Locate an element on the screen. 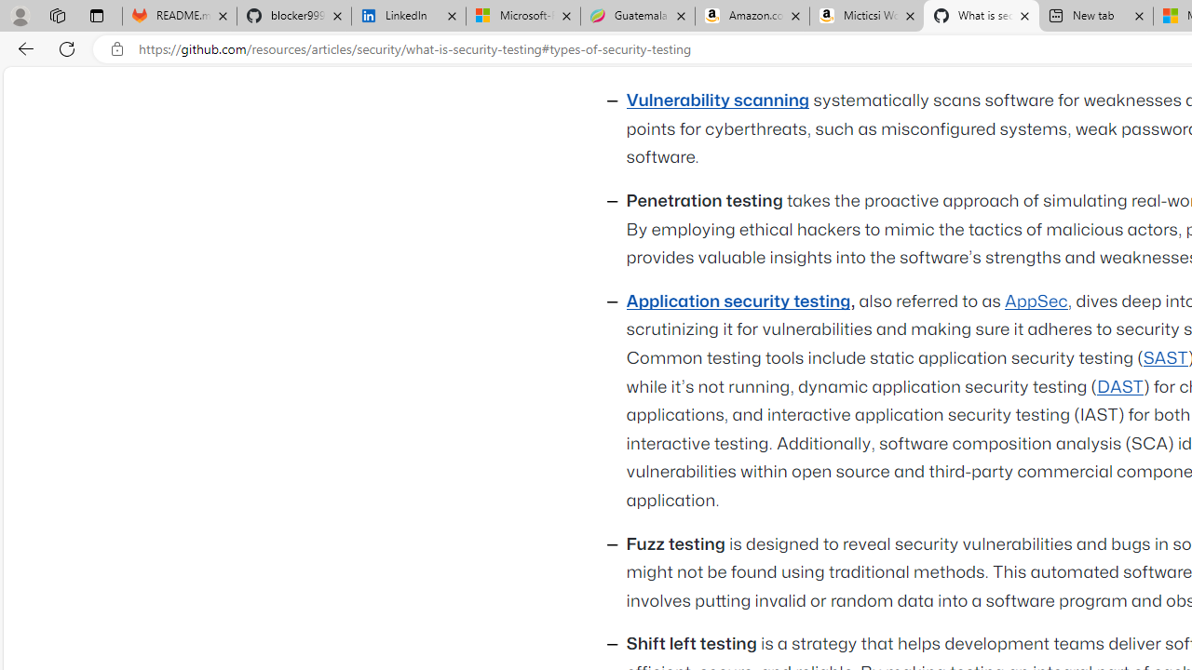 The width and height of the screenshot is (1192, 670). 'Vulnerability scanning' is located at coordinates (717, 101).